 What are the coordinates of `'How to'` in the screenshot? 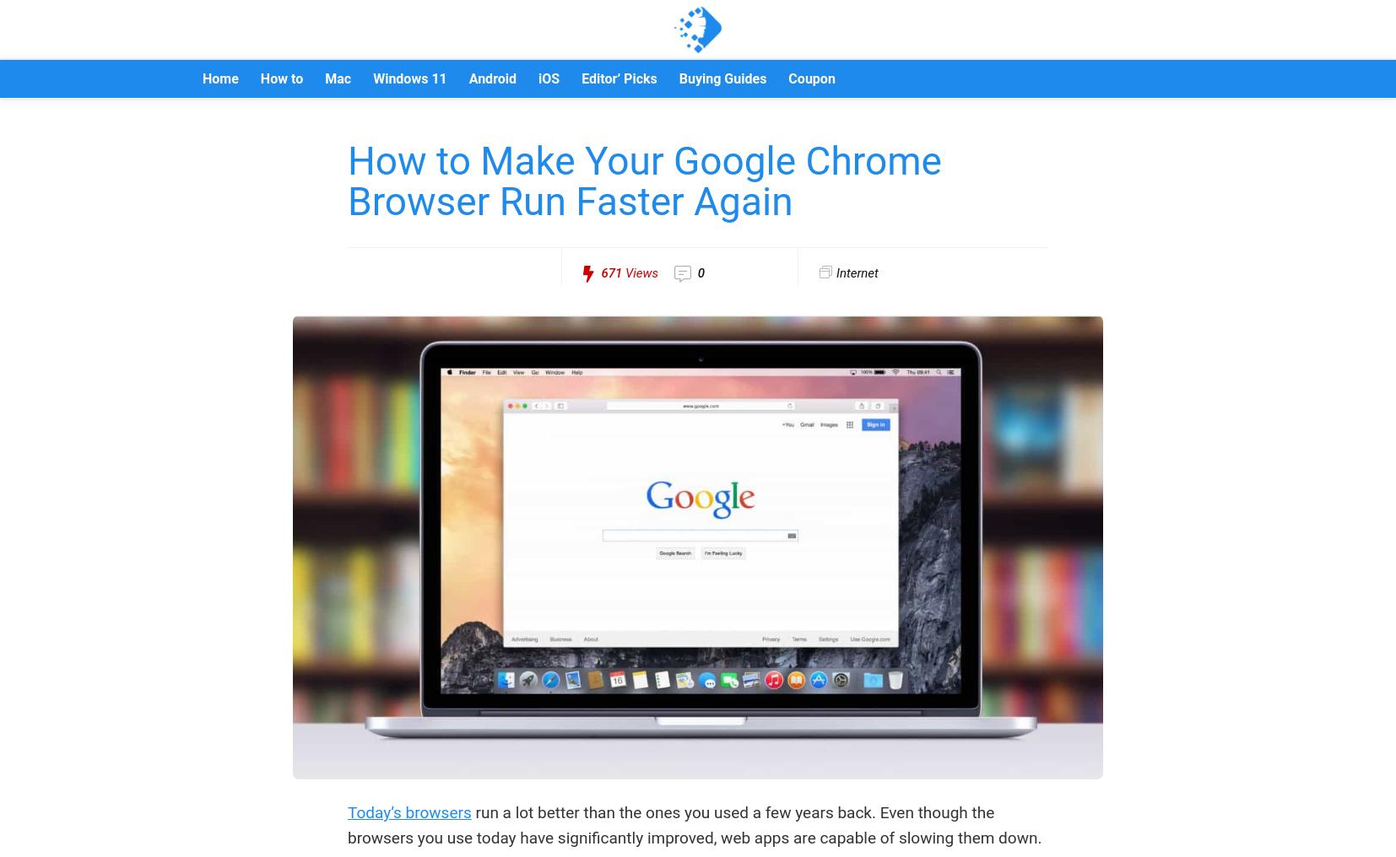 It's located at (280, 78).